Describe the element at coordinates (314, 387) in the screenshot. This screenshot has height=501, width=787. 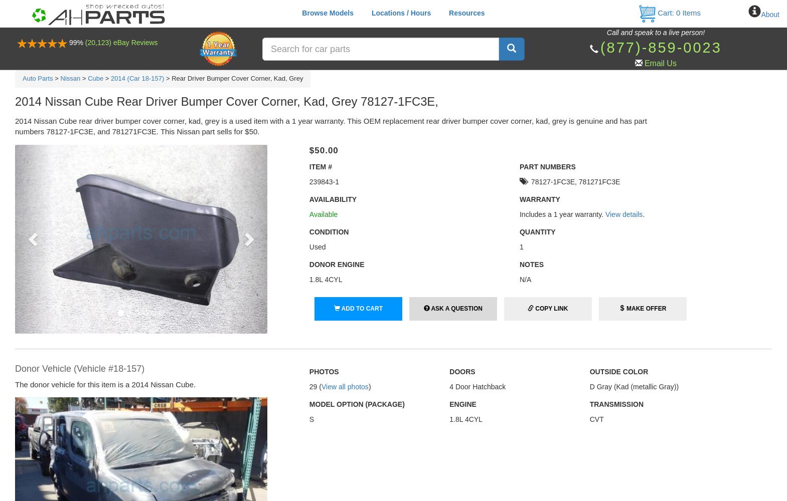
I see `'29 ('` at that location.